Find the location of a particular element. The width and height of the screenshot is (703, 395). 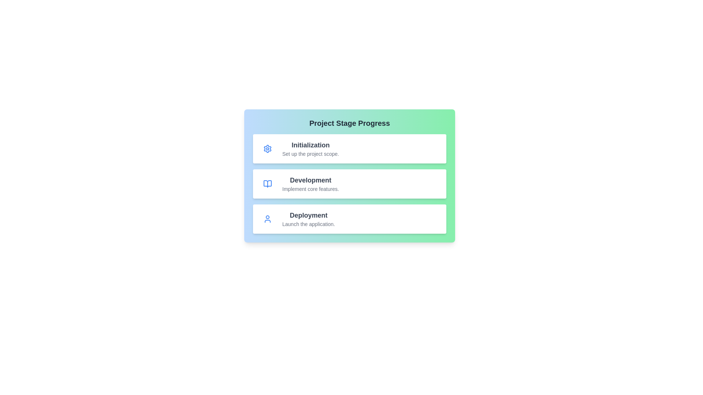

the 'Development' card item in the project progress tracker, which is located in the middle of a vertically stacked list of similar elements, right under the 'Initialization' card and above the 'Deployment' card is located at coordinates (349, 176).